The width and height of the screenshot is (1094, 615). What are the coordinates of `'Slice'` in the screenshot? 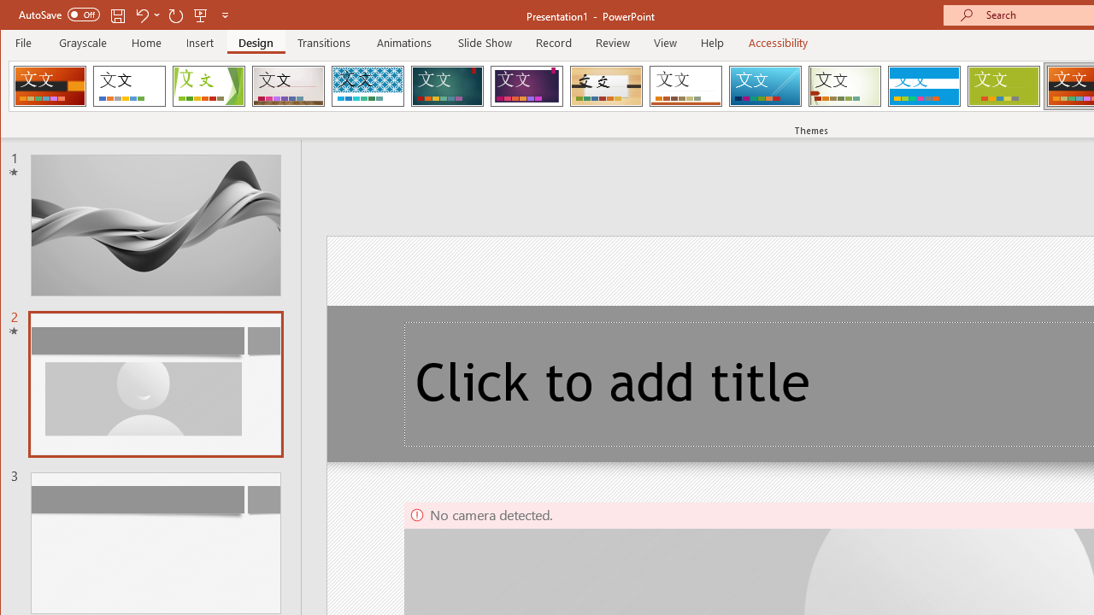 It's located at (764, 85).